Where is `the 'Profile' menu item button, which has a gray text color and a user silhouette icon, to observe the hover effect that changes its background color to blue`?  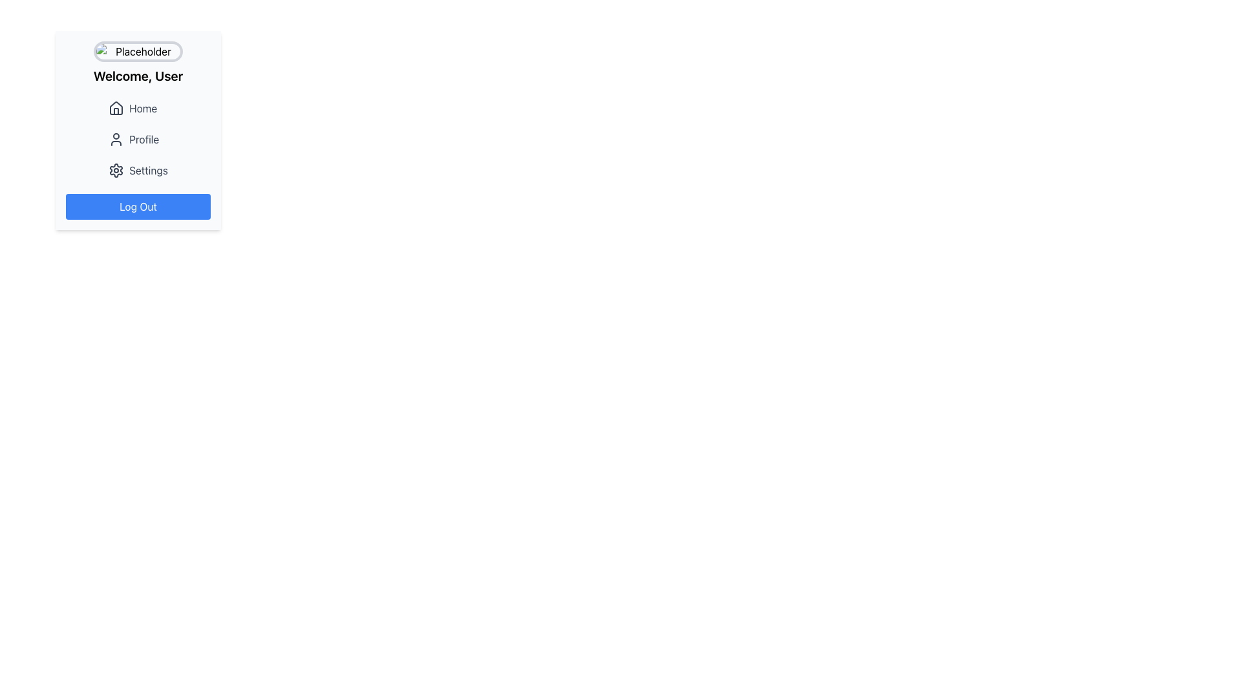 the 'Profile' menu item button, which has a gray text color and a user silhouette icon, to observe the hover effect that changes its background color to blue is located at coordinates (138, 140).